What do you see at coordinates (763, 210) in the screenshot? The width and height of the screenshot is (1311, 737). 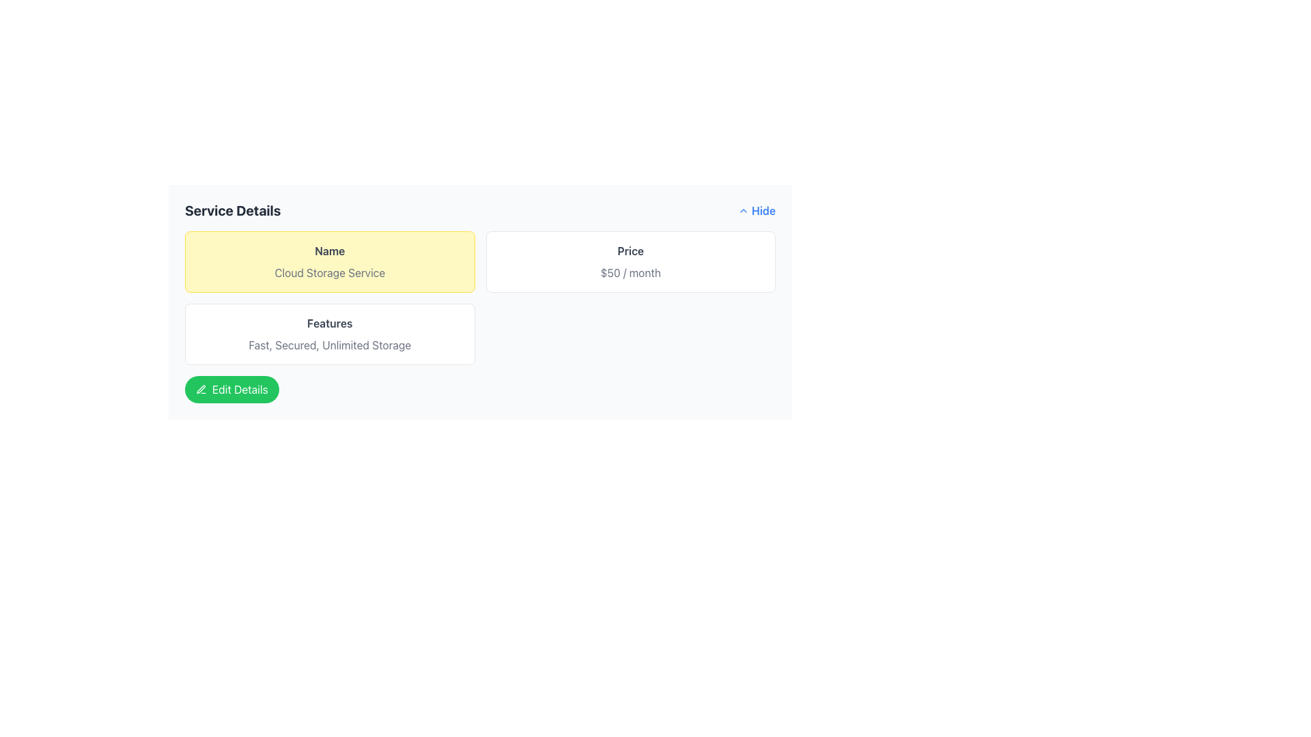 I see `the bolded blue text label 'Hide' located in the top-right corner of the interface` at bounding box center [763, 210].